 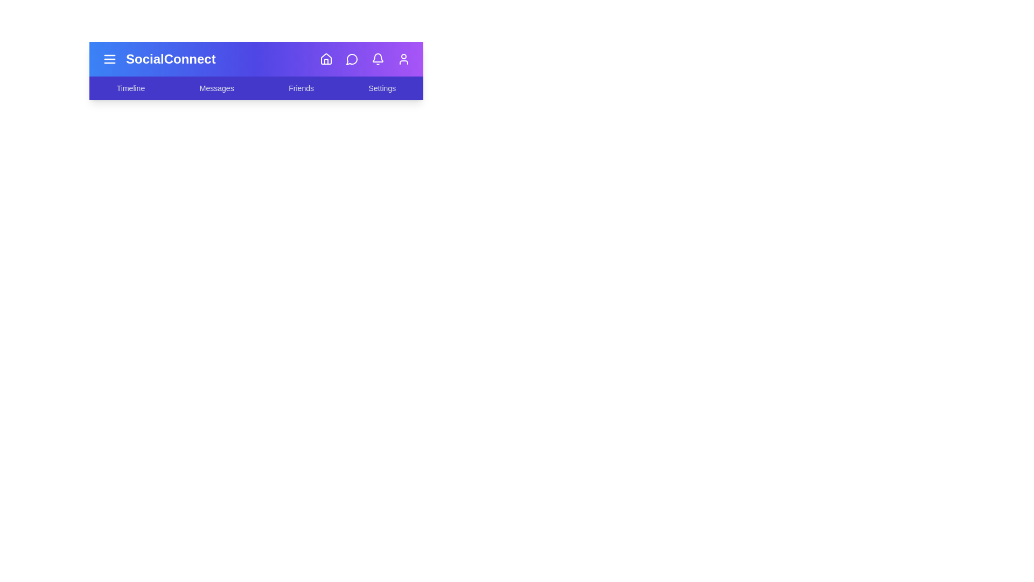 I want to click on the Notifications icon in the navigation bar to navigate to its respective section, so click(x=378, y=59).